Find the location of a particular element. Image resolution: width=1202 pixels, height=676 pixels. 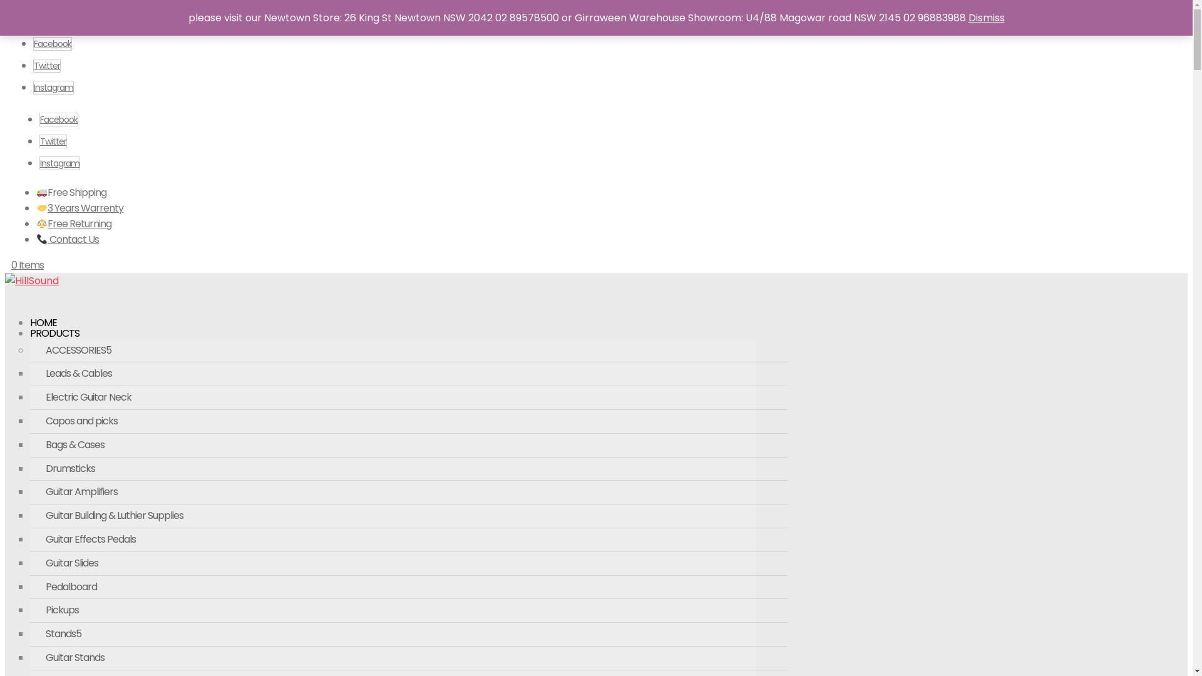

'Free Returning' is located at coordinates (73, 223).